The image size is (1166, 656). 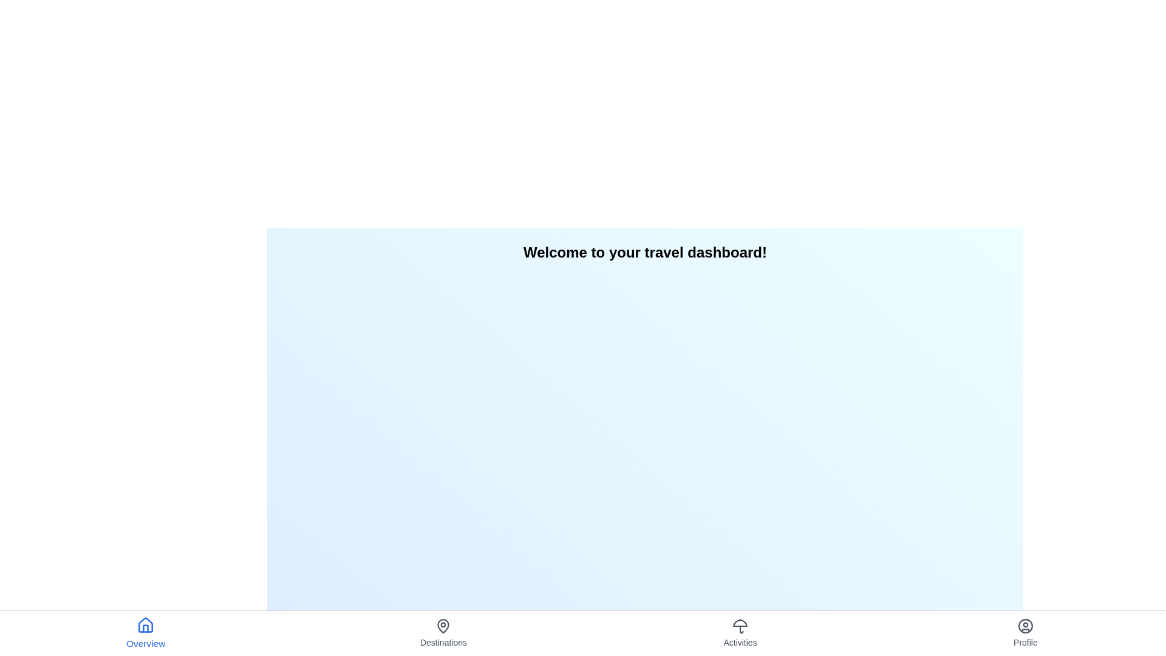 What do you see at coordinates (740, 641) in the screenshot?
I see `the 'Activities' text label located beneath the umbrella icon in the bottom navigation bar by moving the cursor to its center point` at bounding box center [740, 641].